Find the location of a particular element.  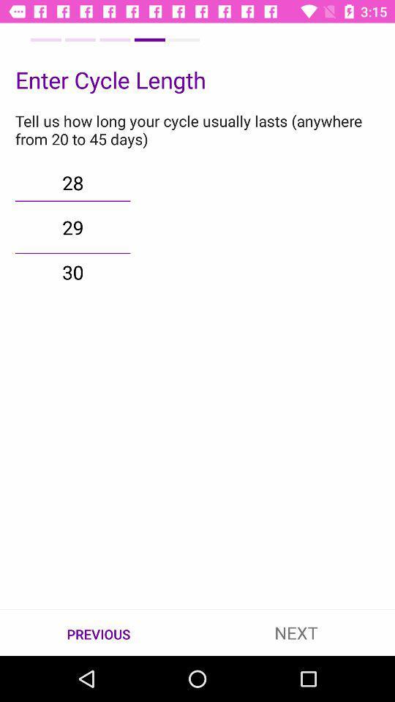

icon next to previous is located at coordinates (296, 632).